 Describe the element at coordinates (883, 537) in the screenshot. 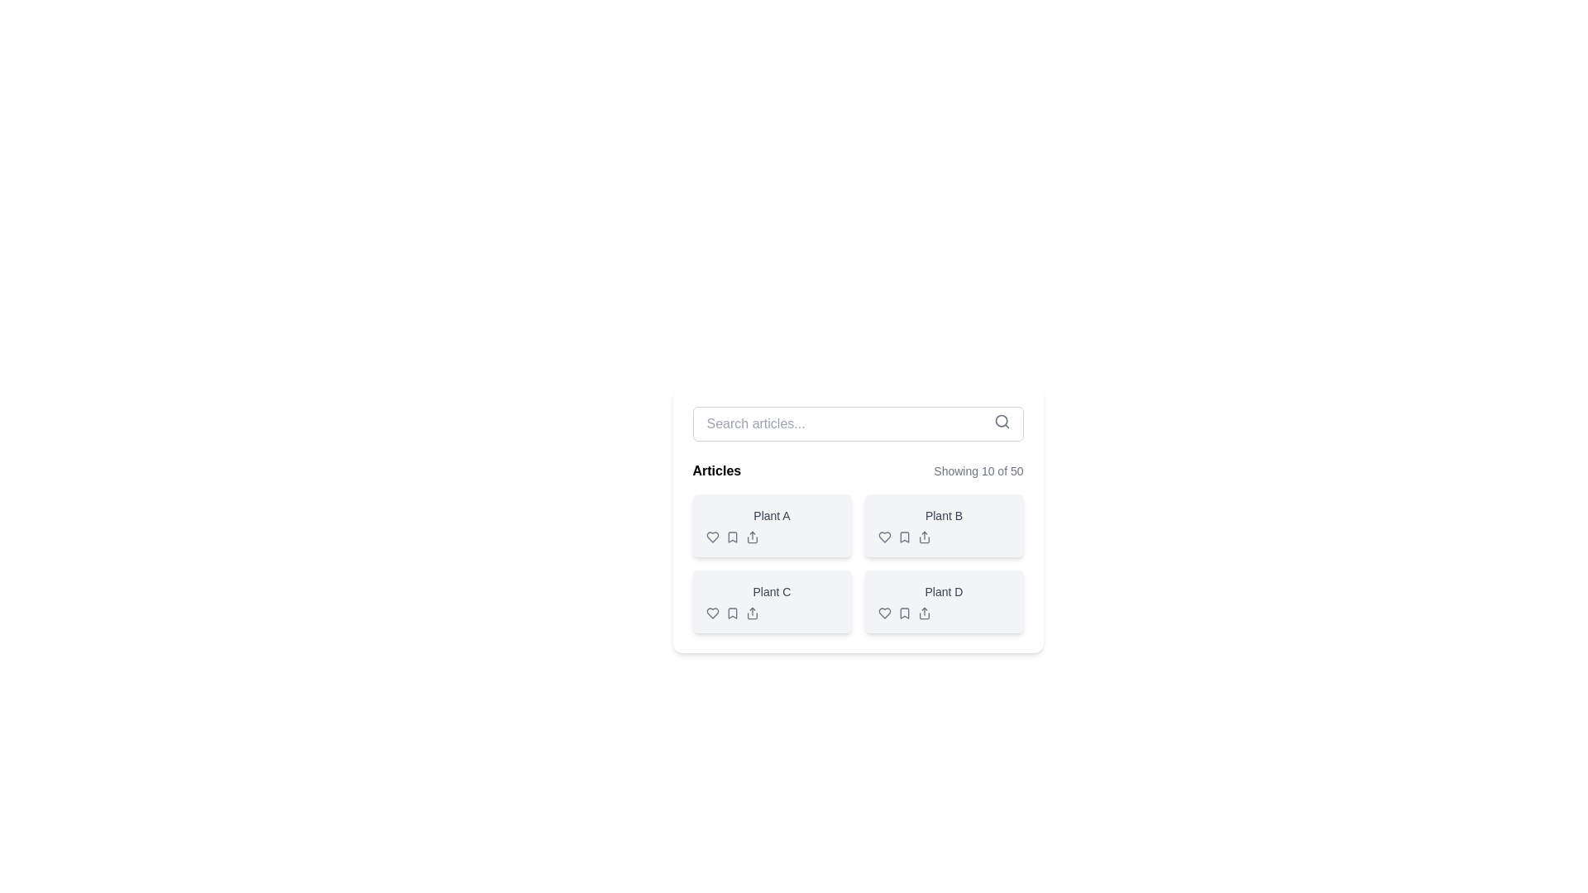

I see `the heart-shaped icon located at the bottom of the 'Plant B' card, which signifies a liking or favoriting functionality` at that location.